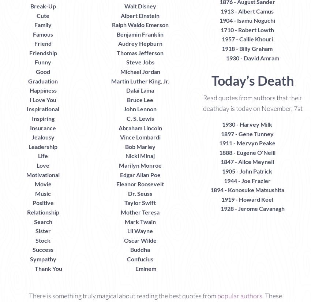  What do you see at coordinates (140, 184) in the screenshot?
I see `'Eleanor Roosevelt'` at bounding box center [140, 184].